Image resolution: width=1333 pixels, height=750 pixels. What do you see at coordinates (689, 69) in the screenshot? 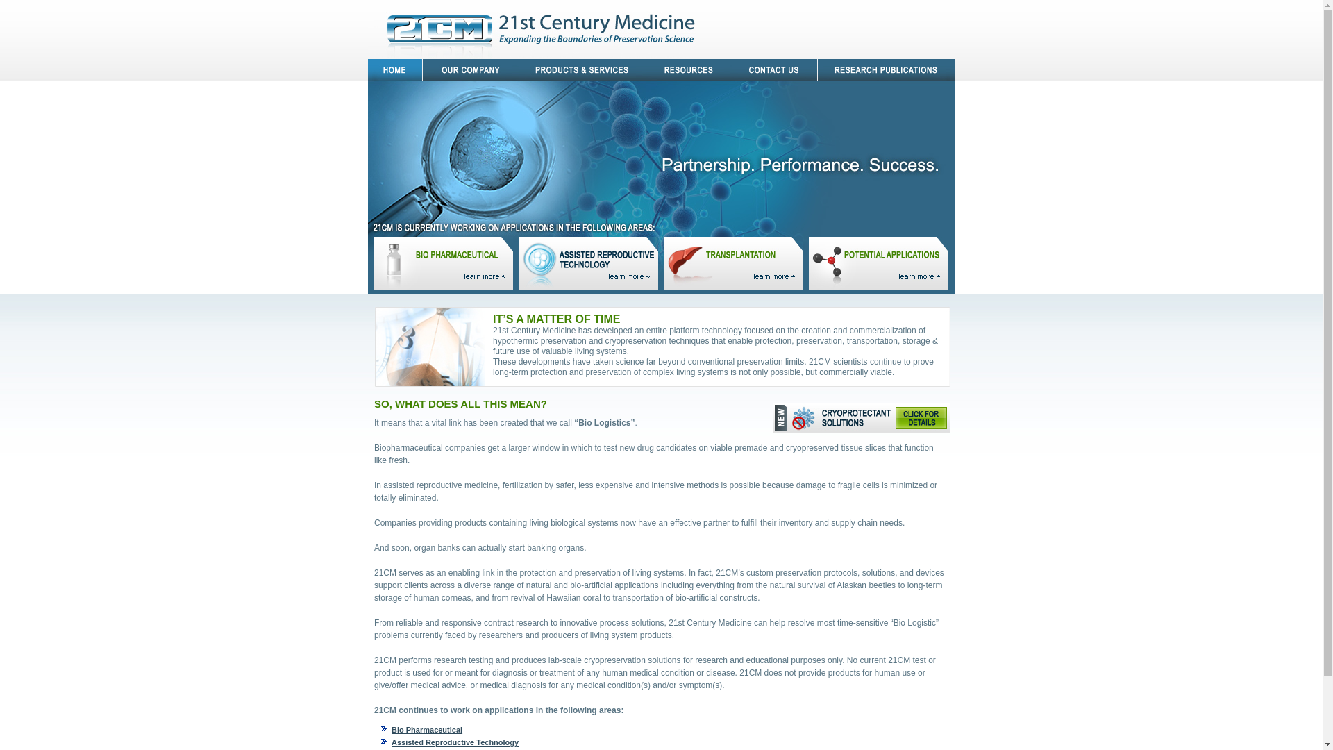
I see `'Resources'` at bounding box center [689, 69].